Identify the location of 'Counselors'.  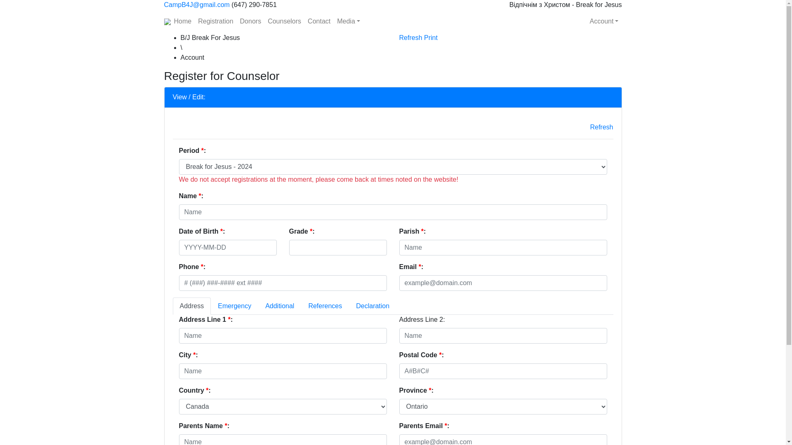
(284, 21).